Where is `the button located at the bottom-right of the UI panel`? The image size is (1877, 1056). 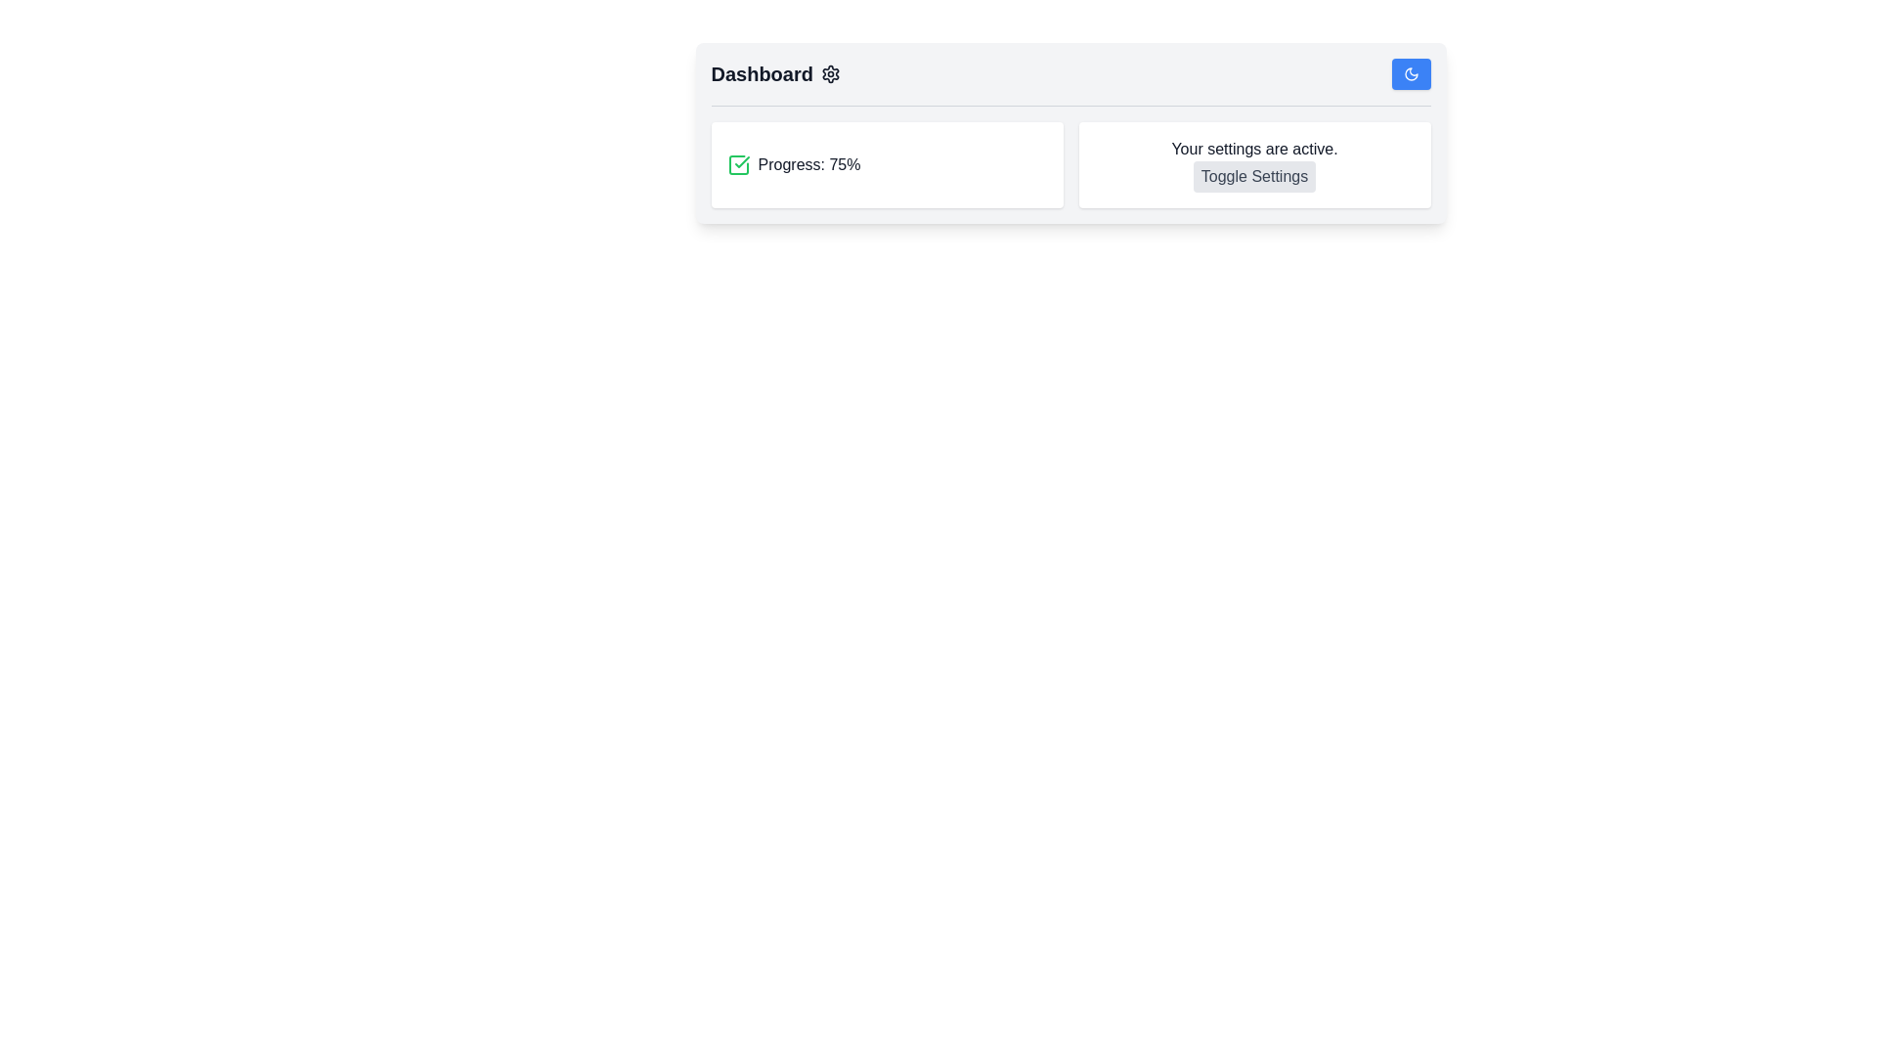
the button located at the bottom-right of the UI panel is located at coordinates (1254, 177).